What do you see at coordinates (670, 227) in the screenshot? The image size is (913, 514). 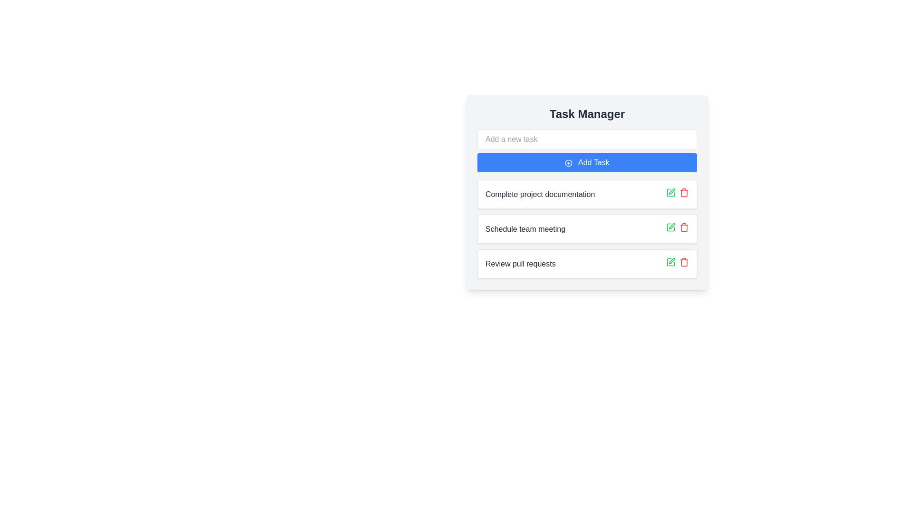 I see `the edit icon button located to the left of the red trash icon in the 'Schedule team meeting' task row for keyboard accessibility` at bounding box center [670, 227].